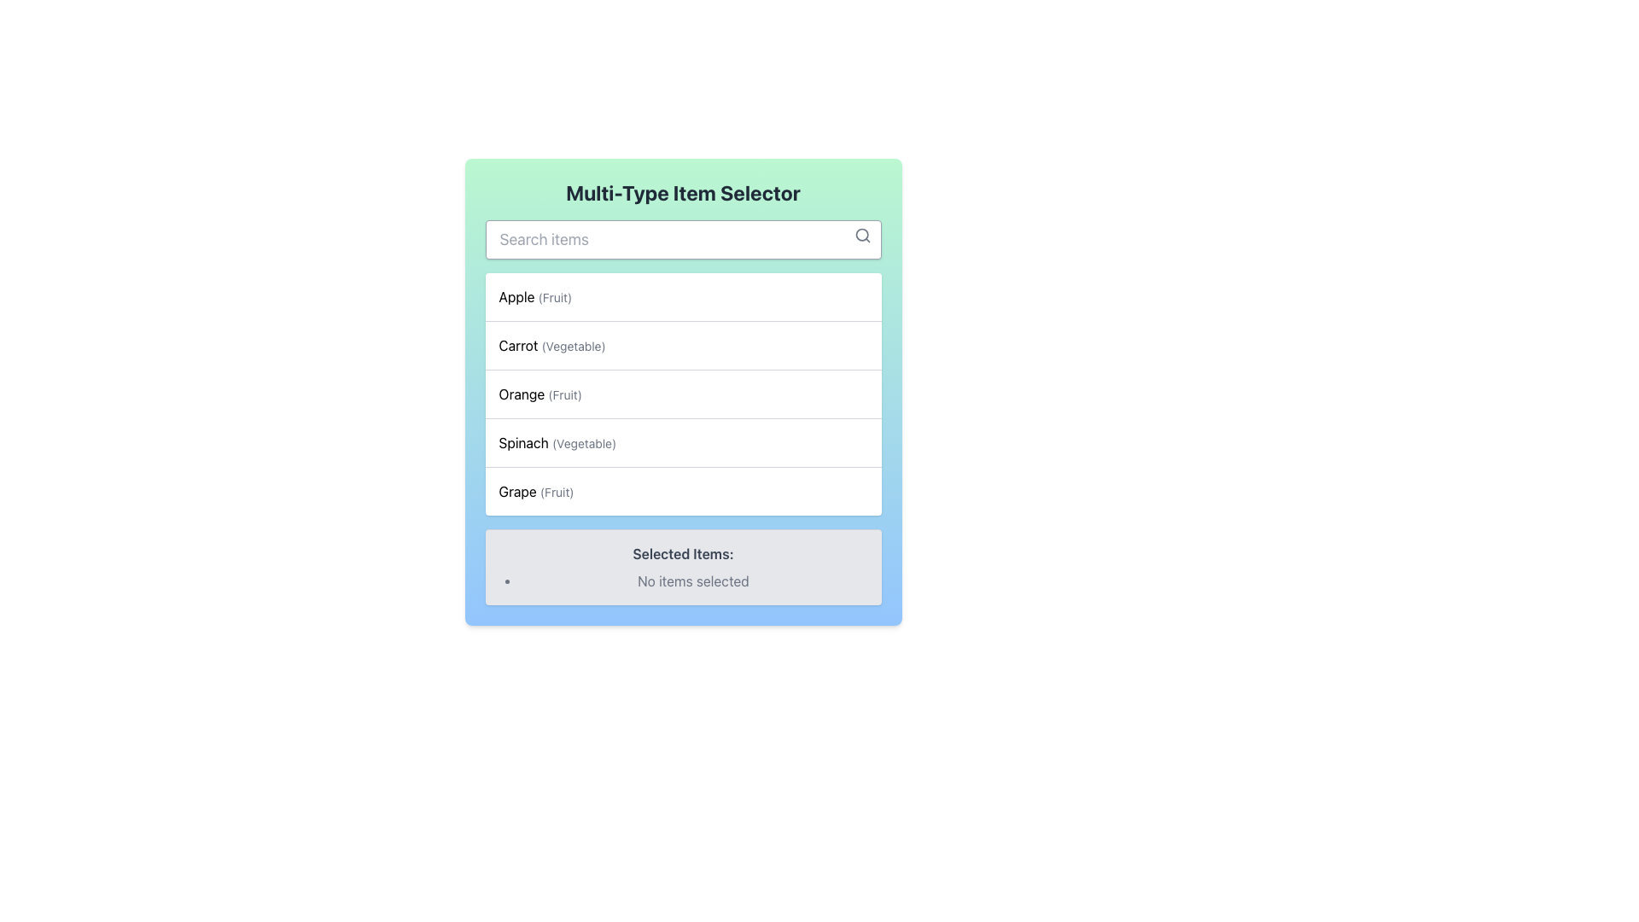 This screenshot has height=922, width=1639. I want to click on the selectable list item labeled 'Apple (Fruit)' within the 'Multi-Type Item Selector', so click(534, 295).